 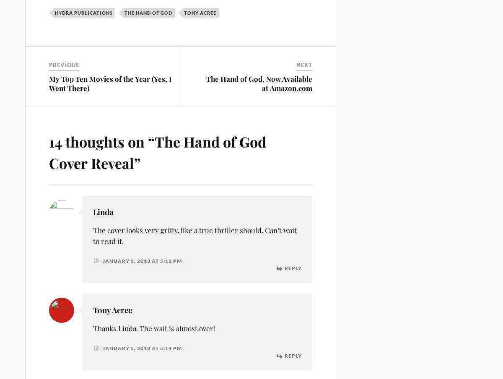 I want to click on 'Next', so click(x=304, y=65).